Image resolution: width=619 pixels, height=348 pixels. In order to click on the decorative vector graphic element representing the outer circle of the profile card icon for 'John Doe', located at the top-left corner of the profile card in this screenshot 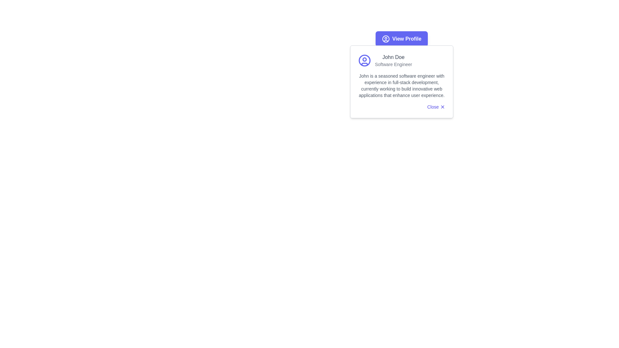, I will do `click(365, 61)`.